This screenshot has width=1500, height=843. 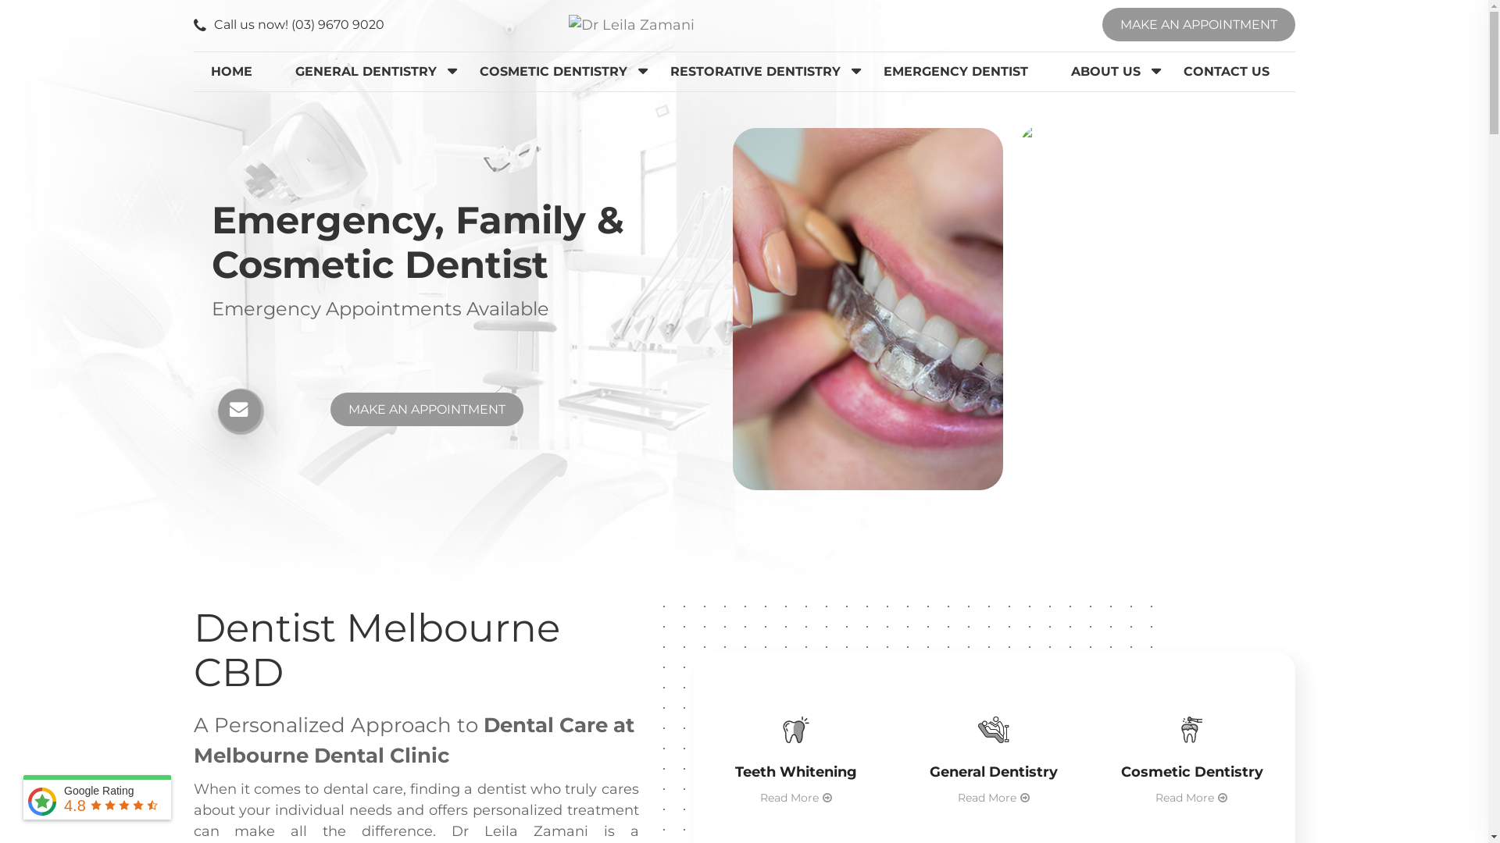 What do you see at coordinates (1197, 24) in the screenshot?
I see `'MAKE AN APPOINTMENT'` at bounding box center [1197, 24].